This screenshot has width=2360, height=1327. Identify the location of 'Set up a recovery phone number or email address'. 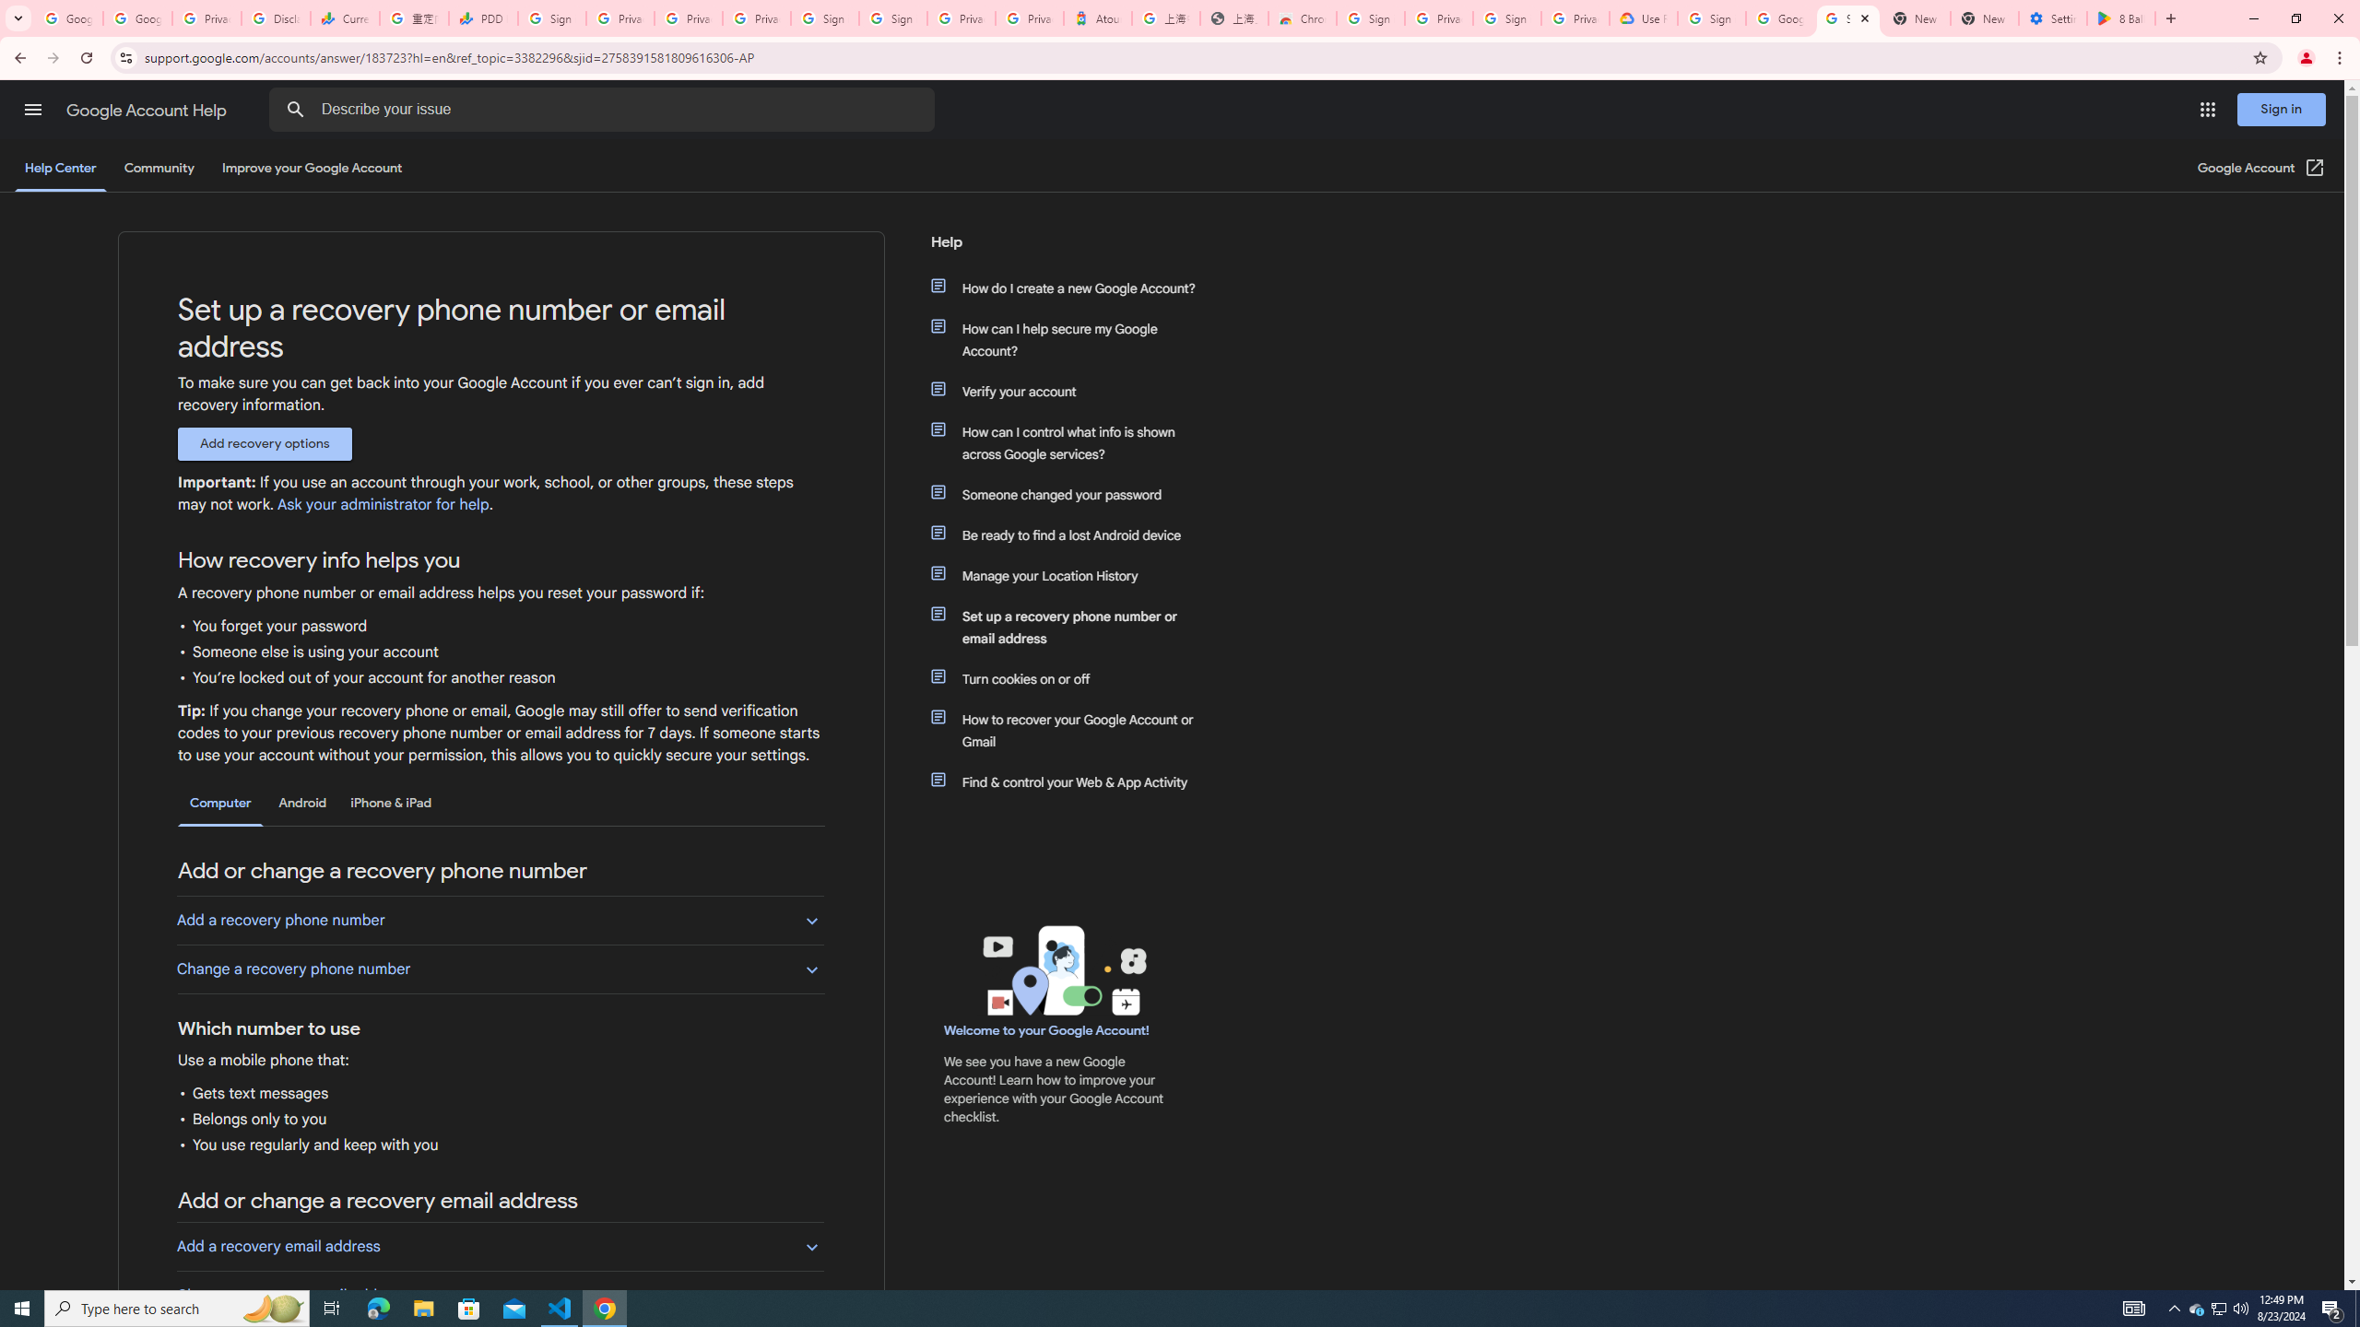
(1071, 628).